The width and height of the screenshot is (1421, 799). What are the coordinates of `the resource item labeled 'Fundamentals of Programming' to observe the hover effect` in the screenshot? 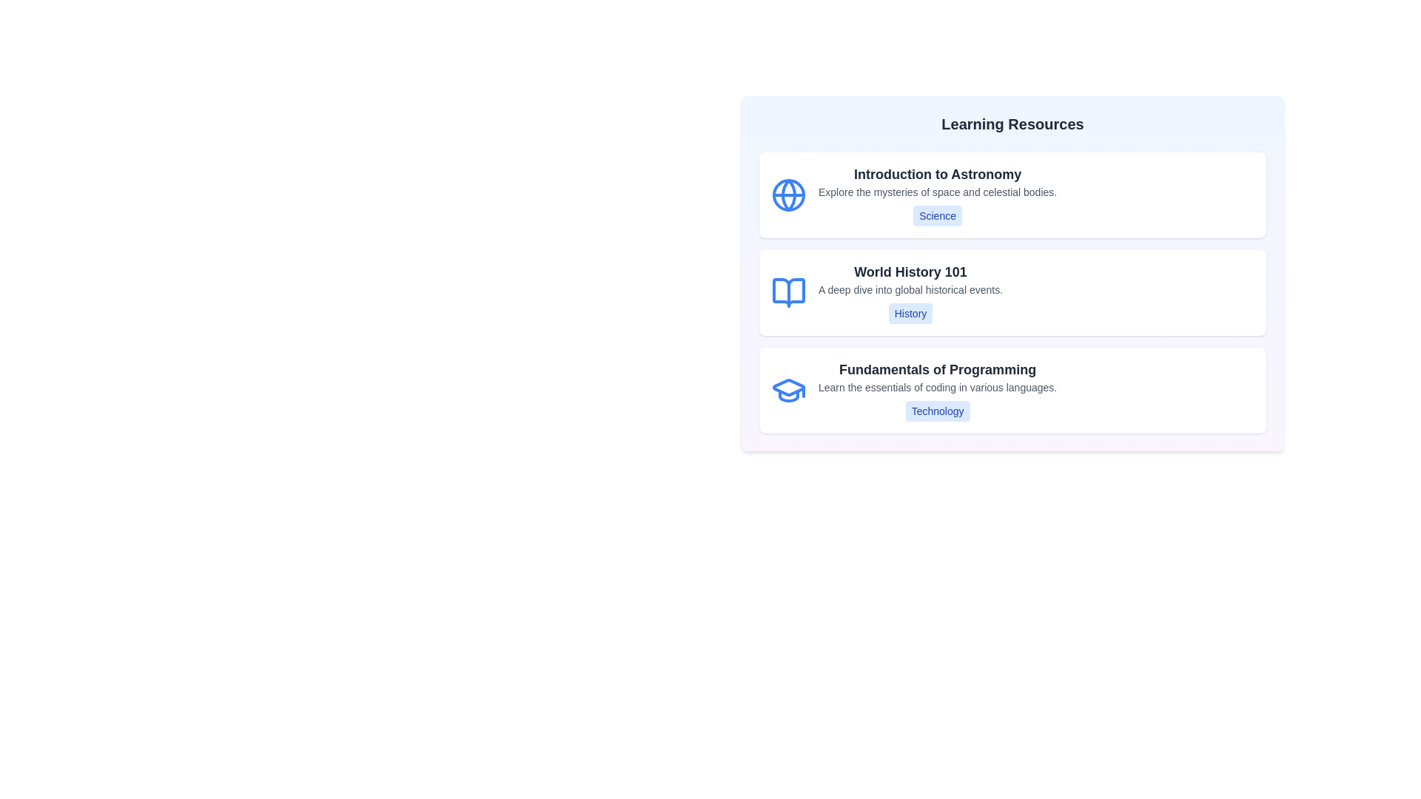 It's located at (1012, 390).